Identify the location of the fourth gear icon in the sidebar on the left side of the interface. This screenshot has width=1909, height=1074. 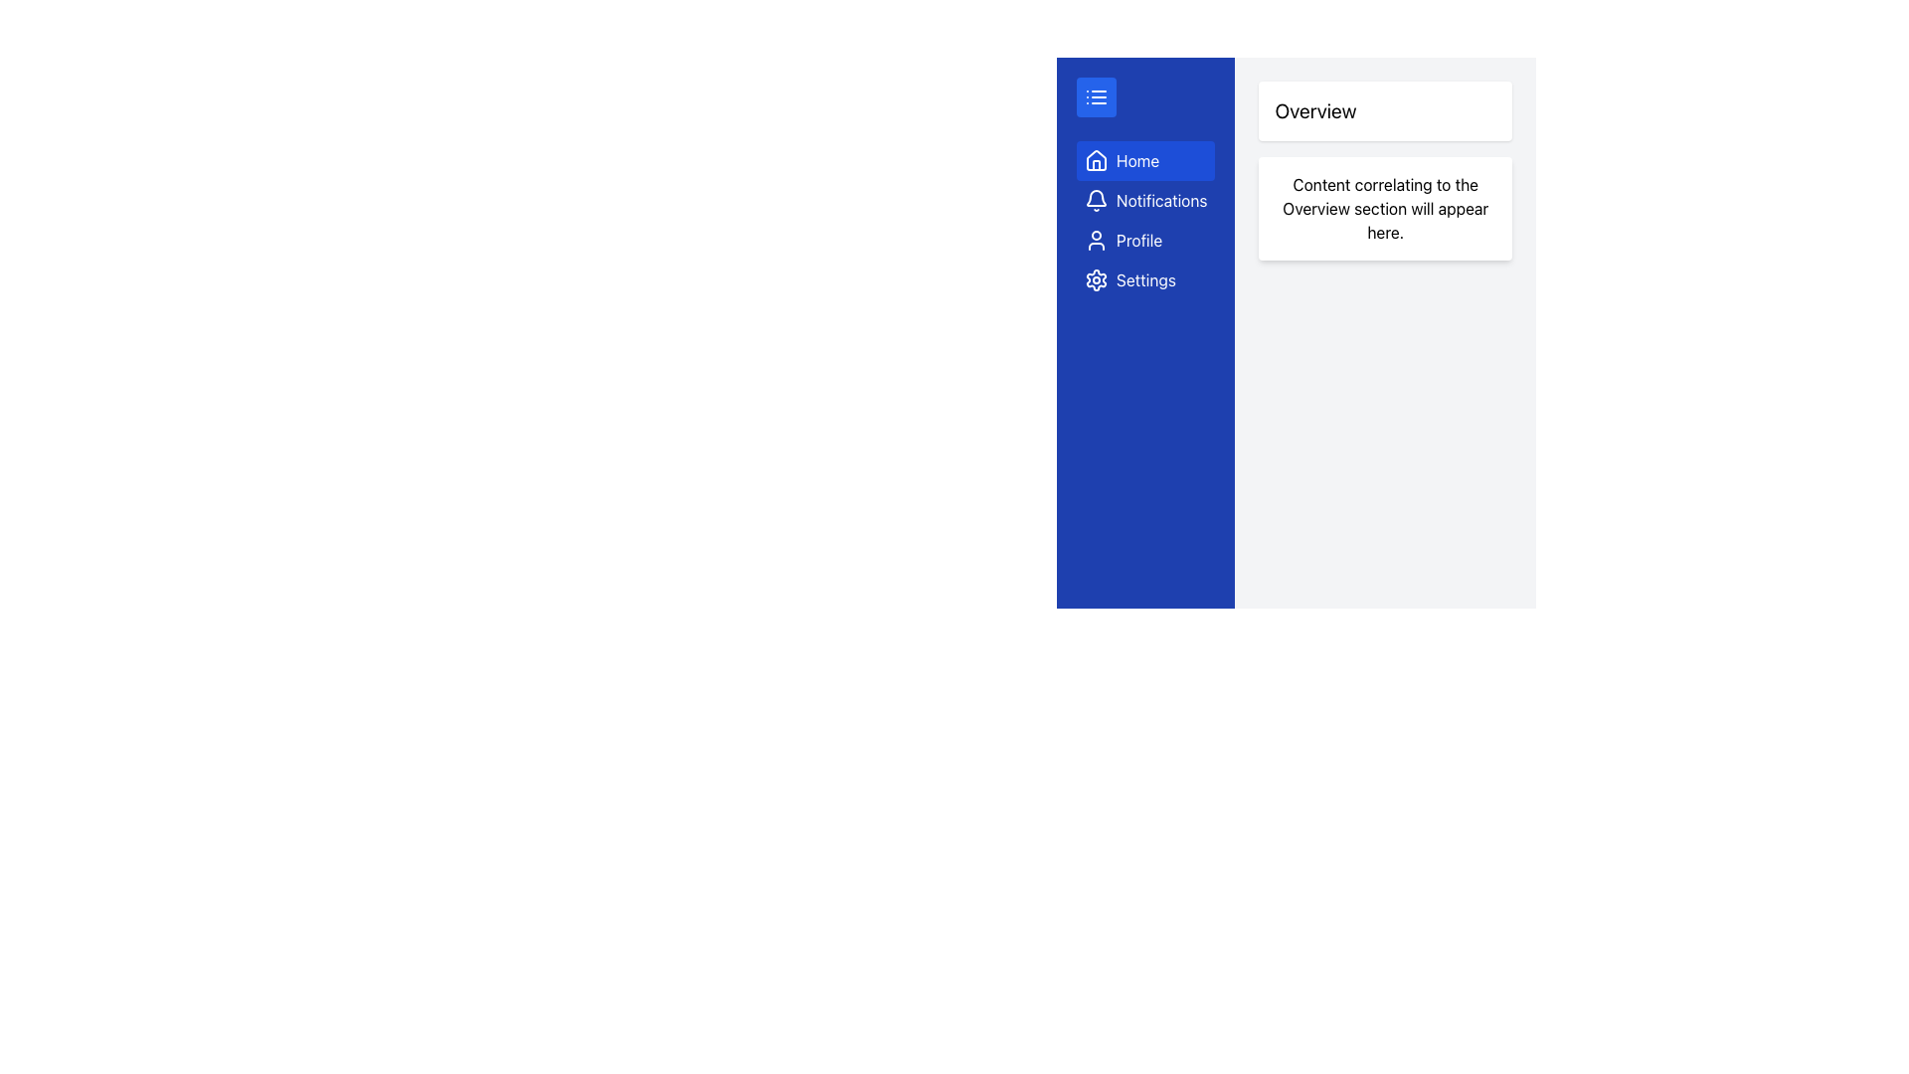
(1096, 279).